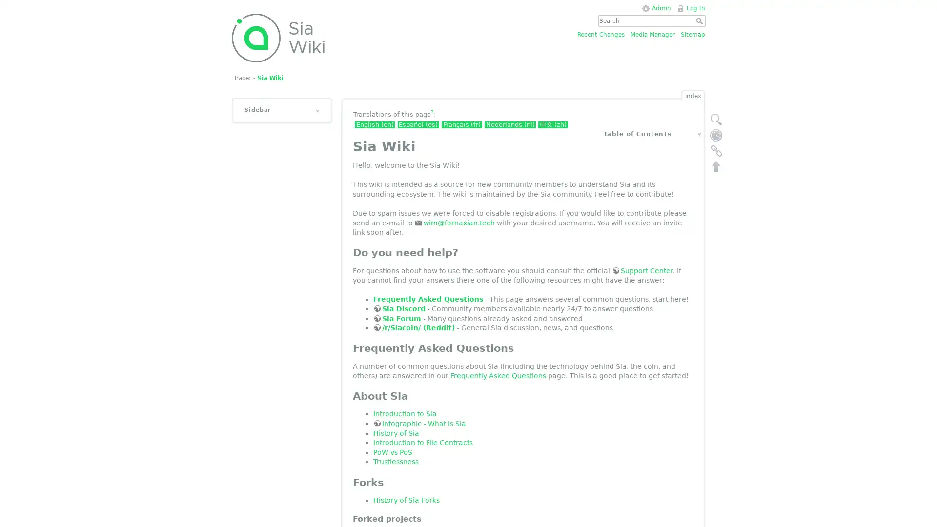 The width and height of the screenshot is (937, 527). Describe the element at coordinates (700, 20) in the screenshot. I see `Search` at that location.